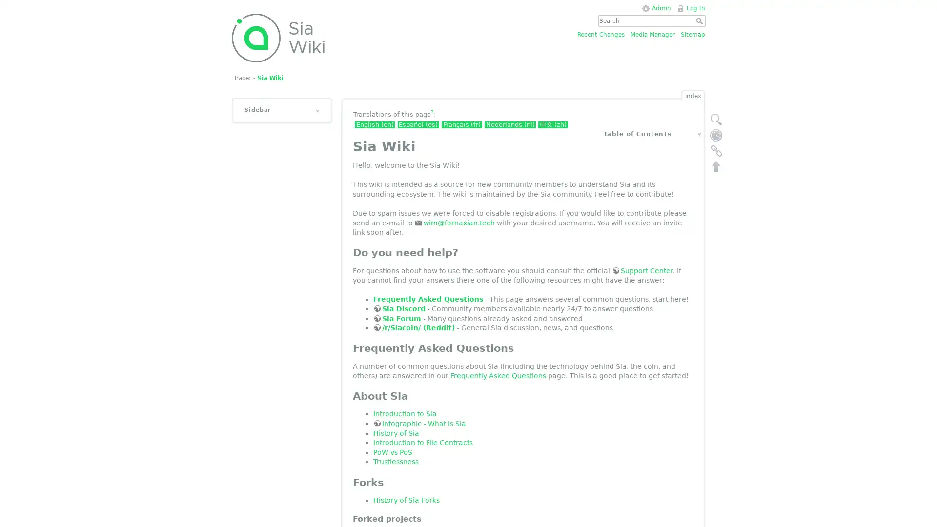 The width and height of the screenshot is (937, 527). Describe the element at coordinates (700, 20) in the screenshot. I see `Search` at that location.